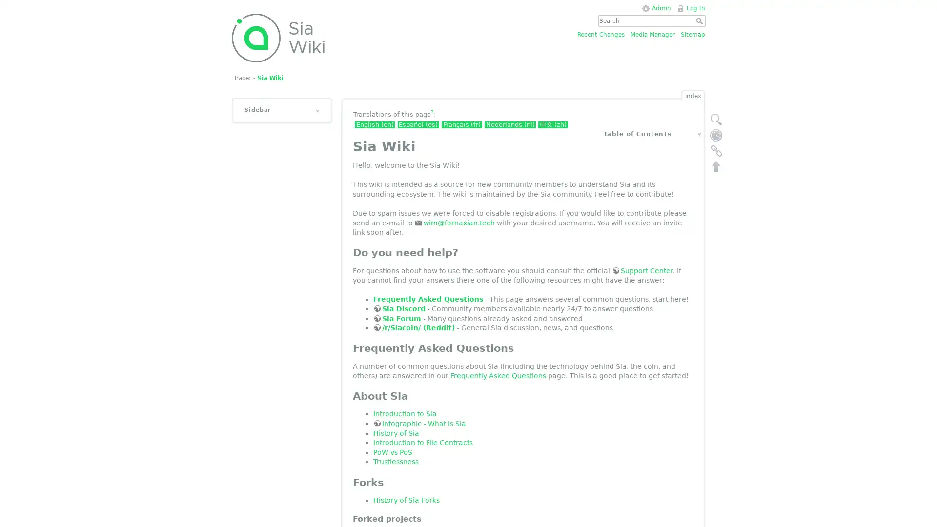 The width and height of the screenshot is (937, 527). Describe the element at coordinates (700, 20) in the screenshot. I see `Search` at that location.